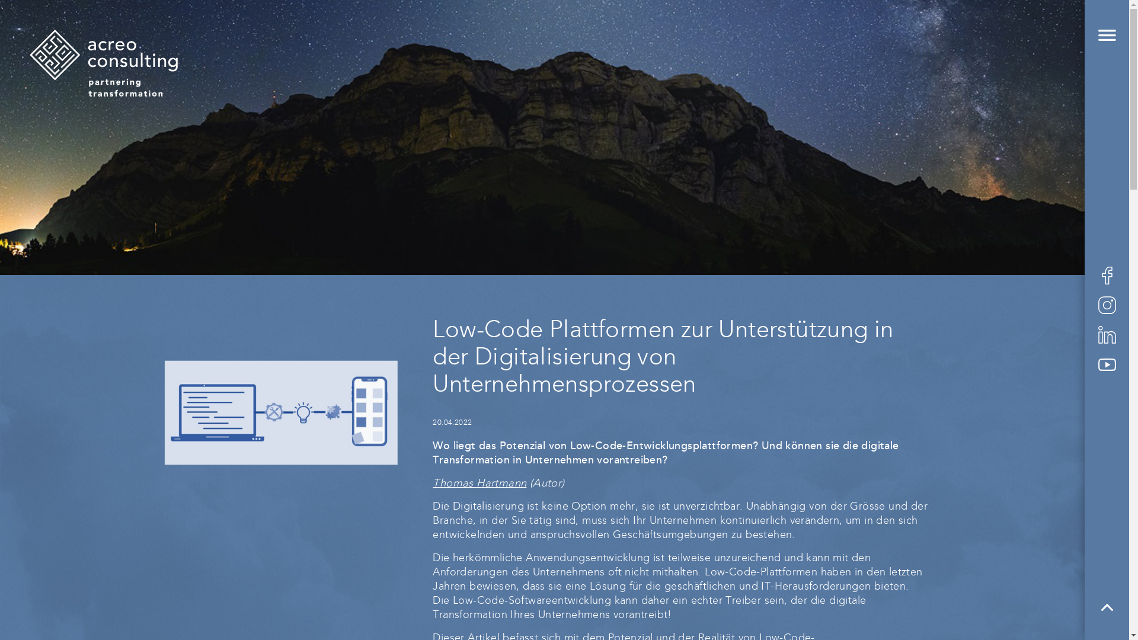 This screenshot has width=1138, height=640. What do you see at coordinates (103, 93) in the screenshot?
I see `'Startseite'` at bounding box center [103, 93].